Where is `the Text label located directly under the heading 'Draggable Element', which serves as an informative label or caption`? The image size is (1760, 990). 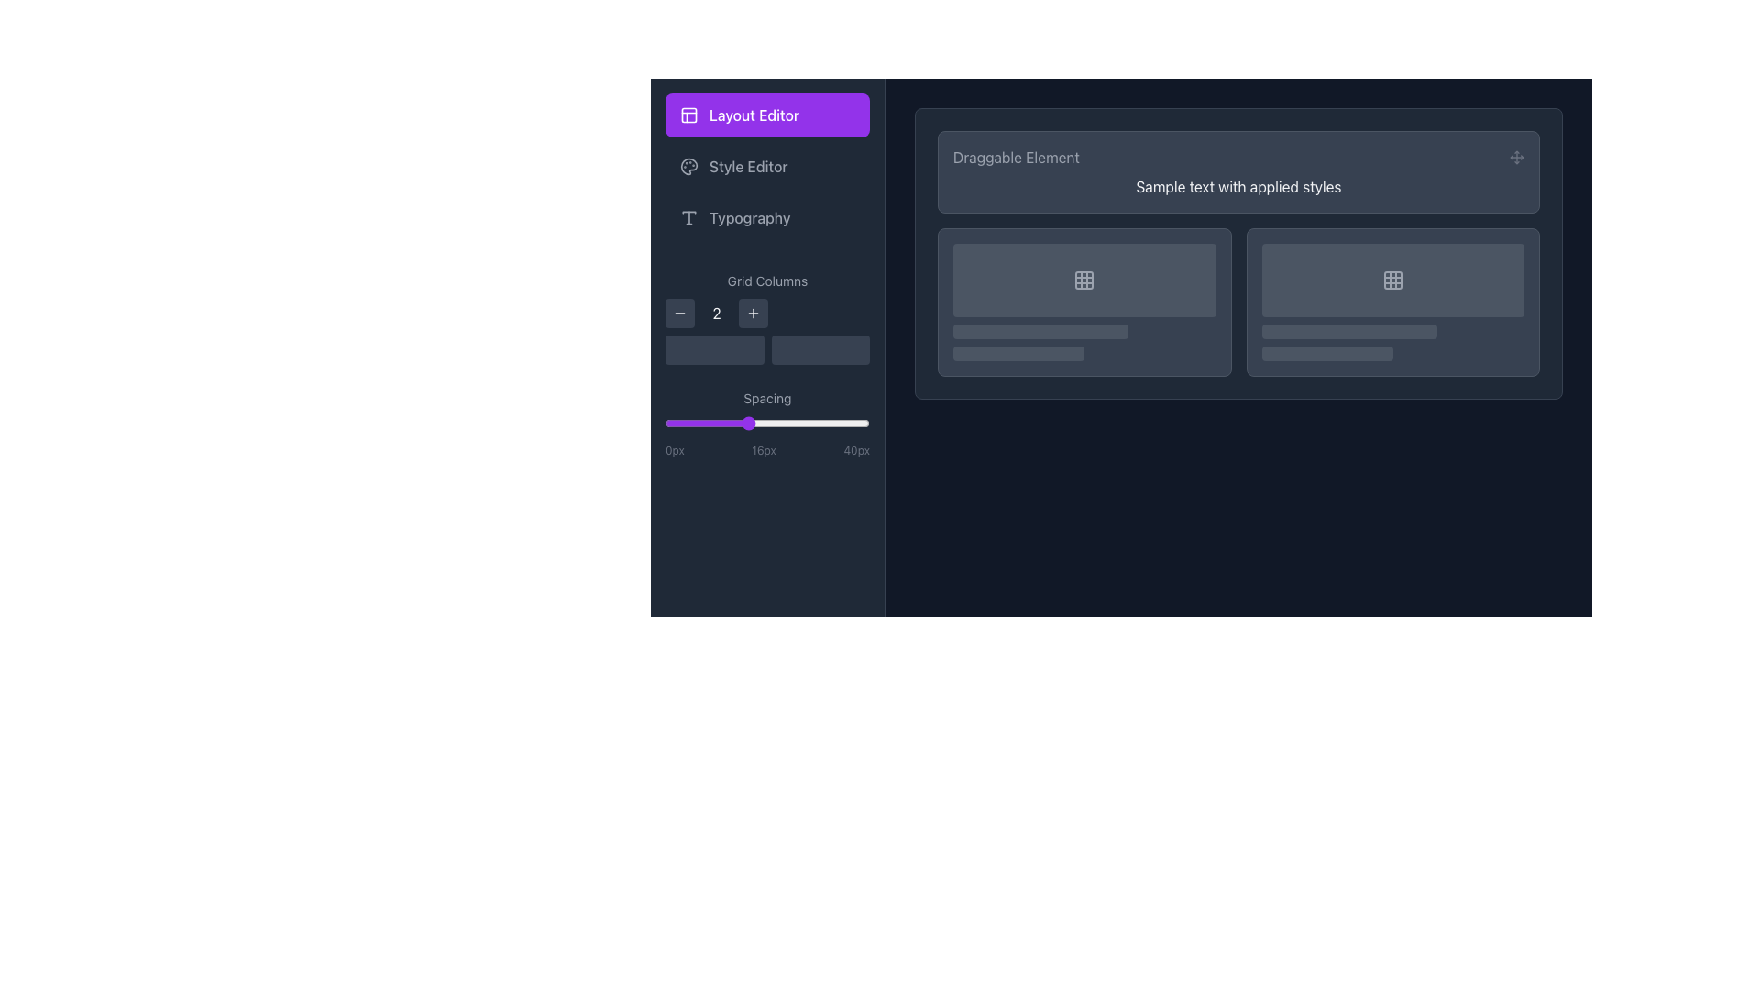
the Text label located directly under the heading 'Draggable Element', which serves as an informative label or caption is located at coordinates (1238, 187).